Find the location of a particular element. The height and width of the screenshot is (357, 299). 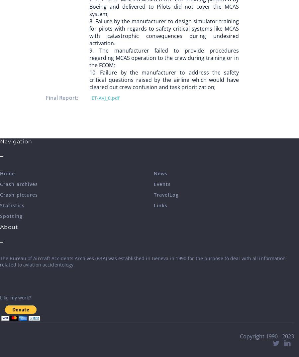

'The Bureau of Aircraft Accidents Archives (B3A) was established in Geneva in 1990 for the purpose to deal with all information related to aviation accidentology.' is located at coordinates (0, 261).